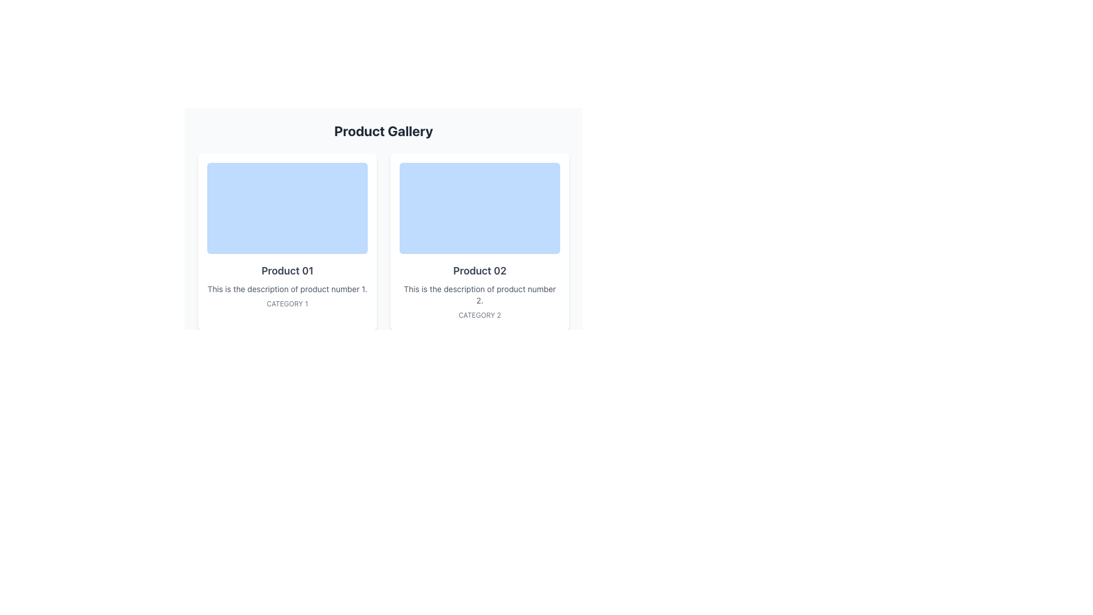 The image size is (1093, 615). I want to click on the Visual Placeholder or Representation Panel, which is a rectangular blue box with rounded corners located at the top of the card for 'Product 02', so click(480, 208).